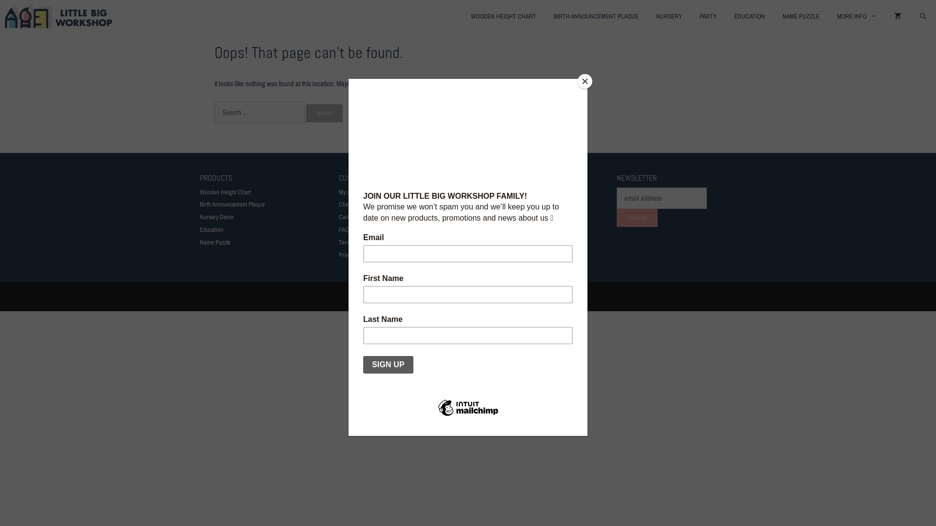  What do you see at coordinates (4, 17) in the screenshot?
I see `'Little Big Workshop'` at bounding box center [4, 17].